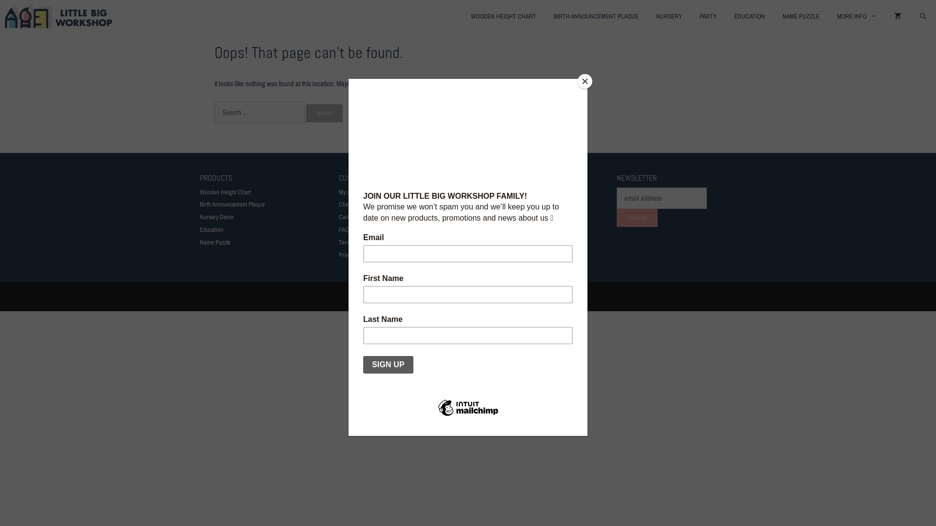  What do you see at coordinates (4, 17) in the screenshot?
I see `'Little Big Workshop'` at bounding box center [4, 17].